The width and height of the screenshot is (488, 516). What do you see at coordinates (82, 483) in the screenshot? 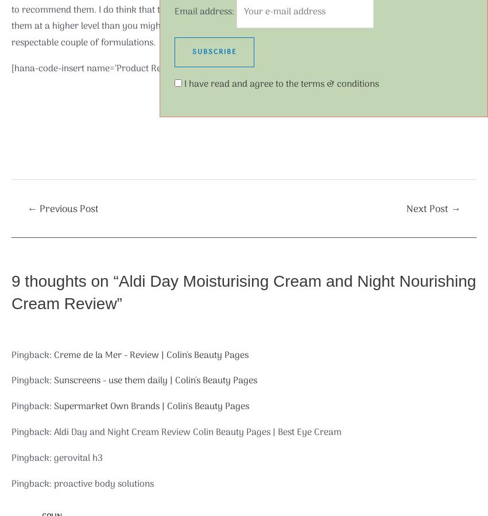
I see `'Pingback: proactive body solutions'` at bounding box center [82, 483].